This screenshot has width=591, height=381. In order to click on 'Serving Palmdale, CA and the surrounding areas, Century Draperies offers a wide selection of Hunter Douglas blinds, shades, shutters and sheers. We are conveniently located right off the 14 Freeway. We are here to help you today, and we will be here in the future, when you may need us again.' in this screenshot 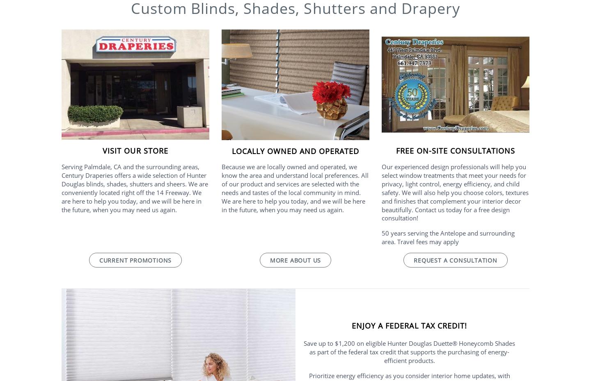, I will do `click(135, 188)`.